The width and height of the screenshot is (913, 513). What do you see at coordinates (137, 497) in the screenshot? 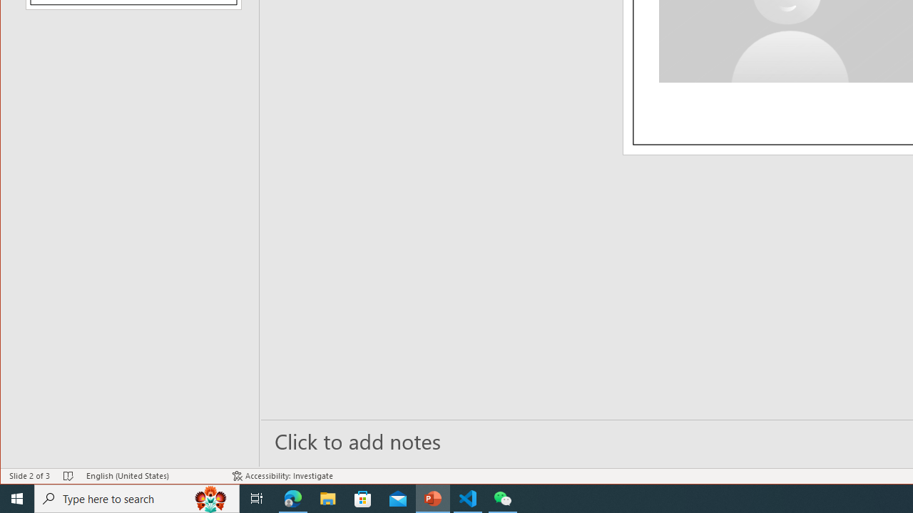
I see `'Type here to search'` at bounding box center [137, 497].